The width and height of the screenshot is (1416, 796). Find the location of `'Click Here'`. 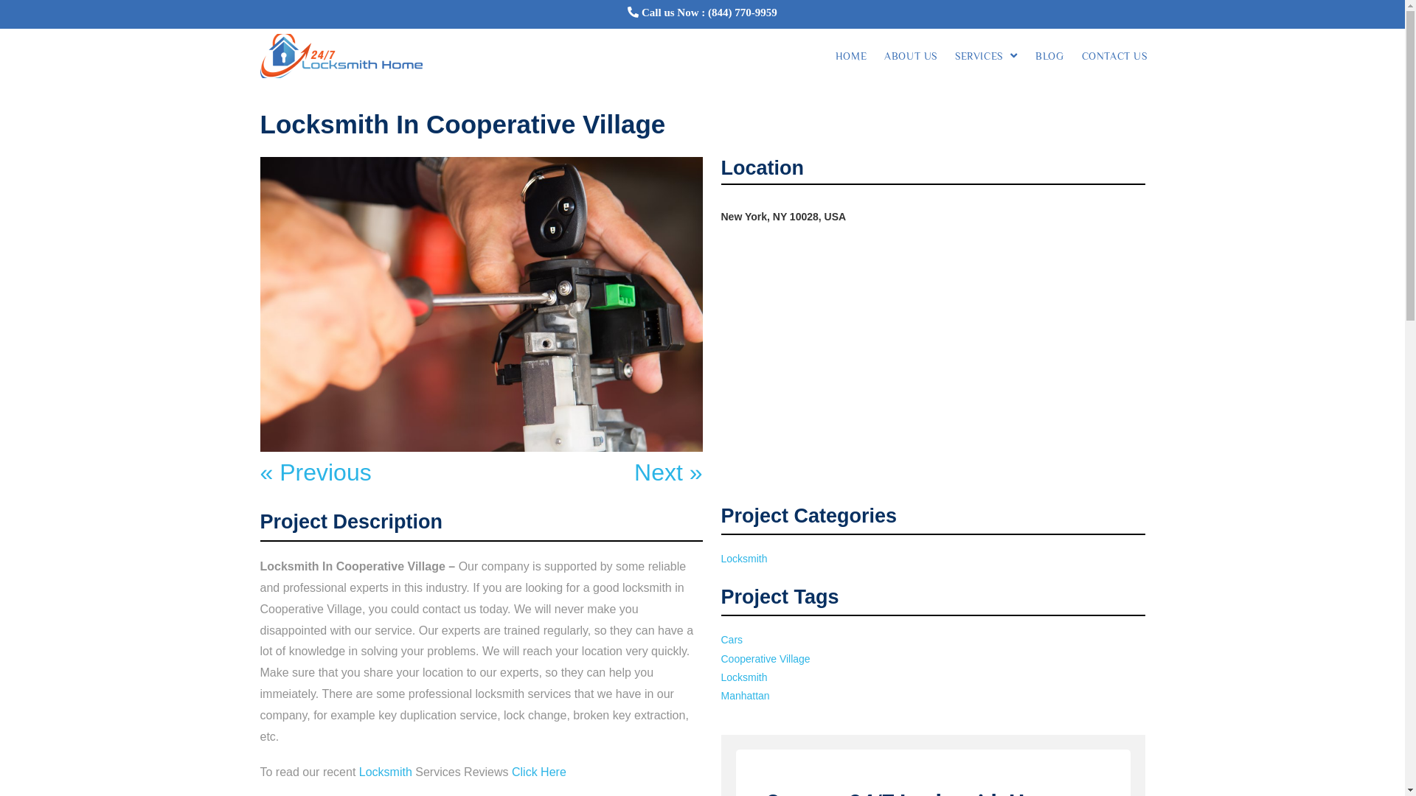

'Click Here' is located at coordinates (538, 771).